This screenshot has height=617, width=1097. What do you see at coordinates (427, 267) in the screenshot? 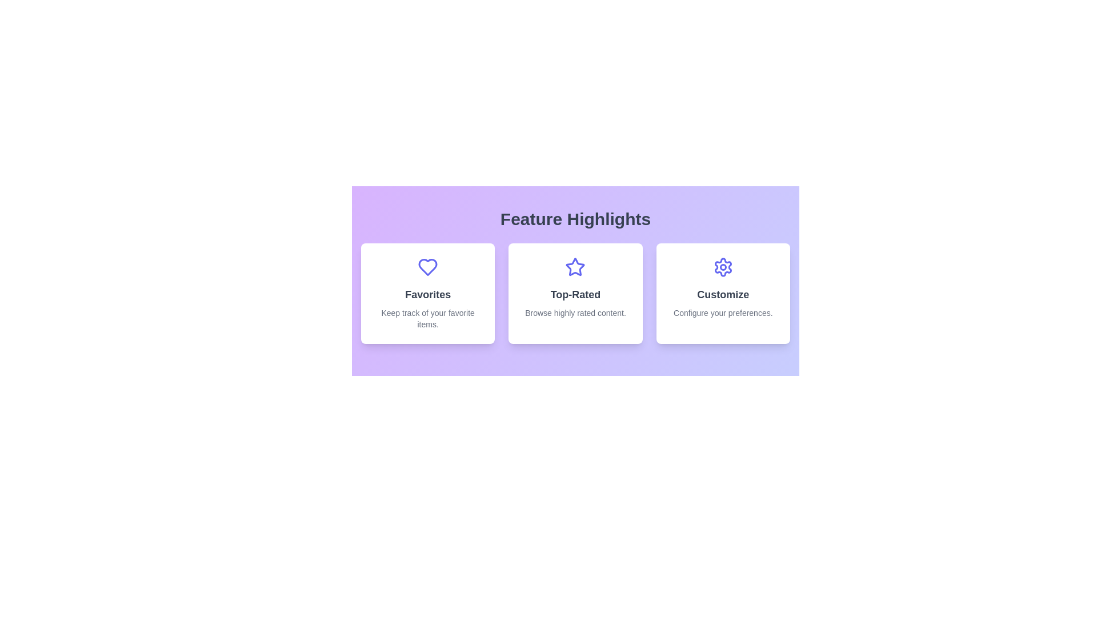
I see `the 'favorites' icon located within the first card of the 'Favorites' section to interact with the saved items feature` at bounding box center [427, 267].